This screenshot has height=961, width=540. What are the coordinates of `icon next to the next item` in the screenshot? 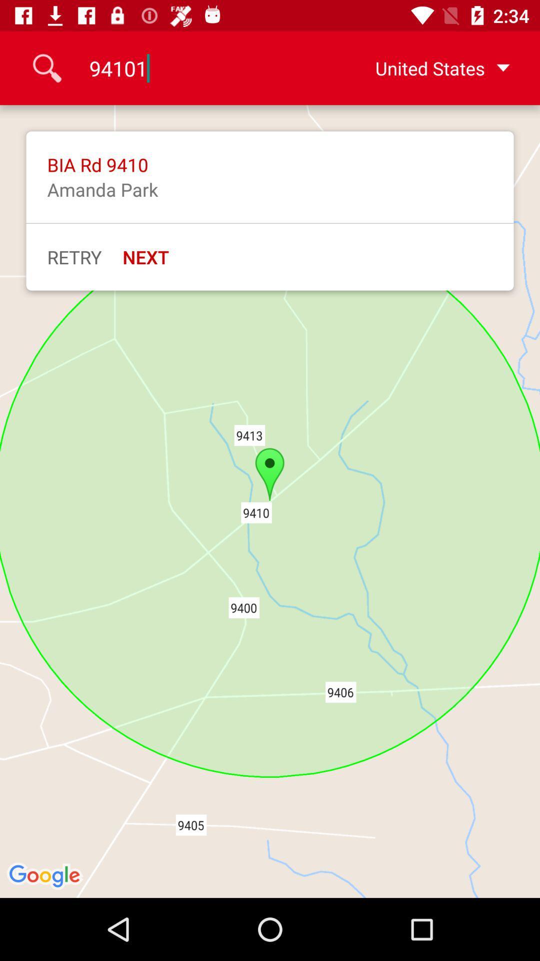 It's located at (73, 257).